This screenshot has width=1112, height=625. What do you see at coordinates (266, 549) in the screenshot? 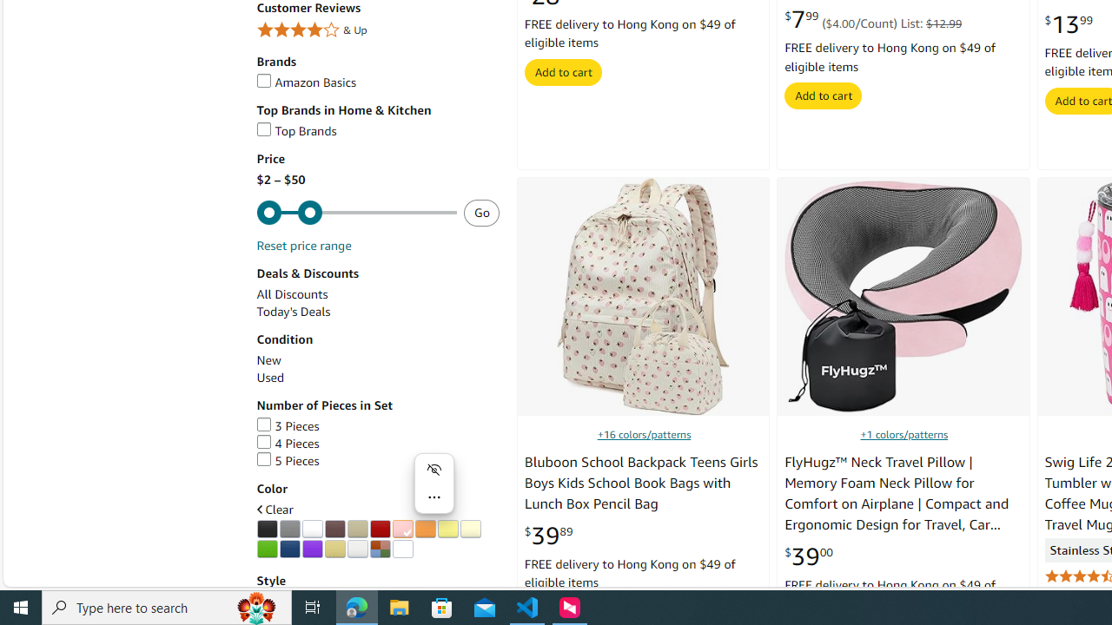
I see `'Green'` at bounding box center [266, 549].